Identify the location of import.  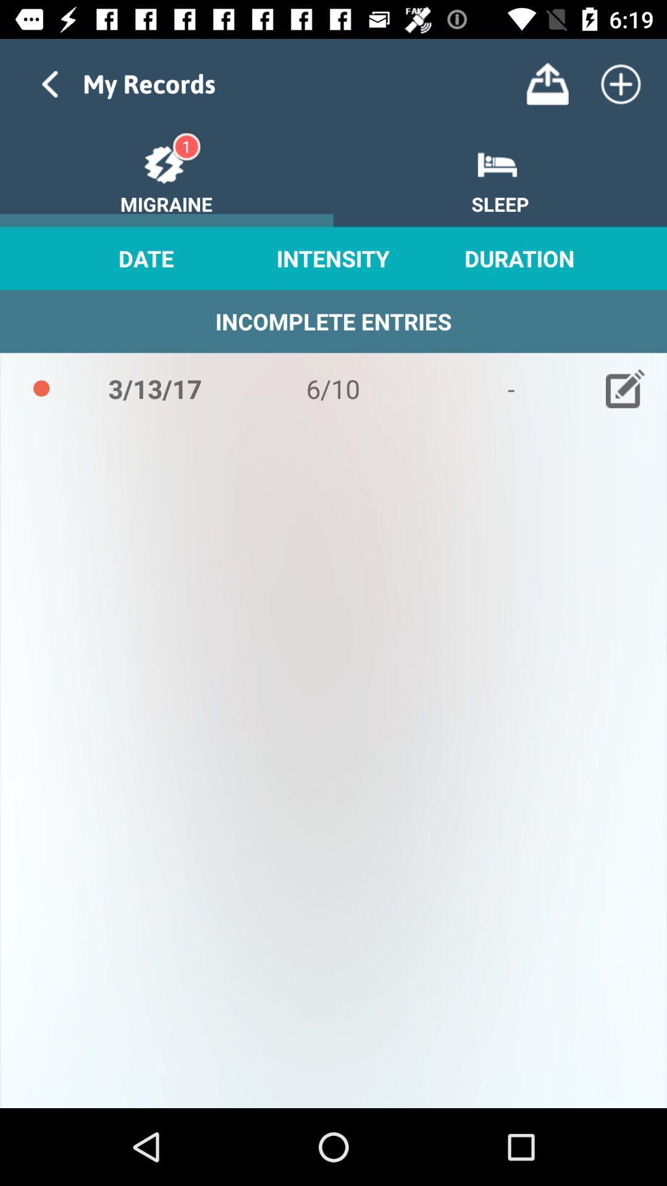
(547, 83).